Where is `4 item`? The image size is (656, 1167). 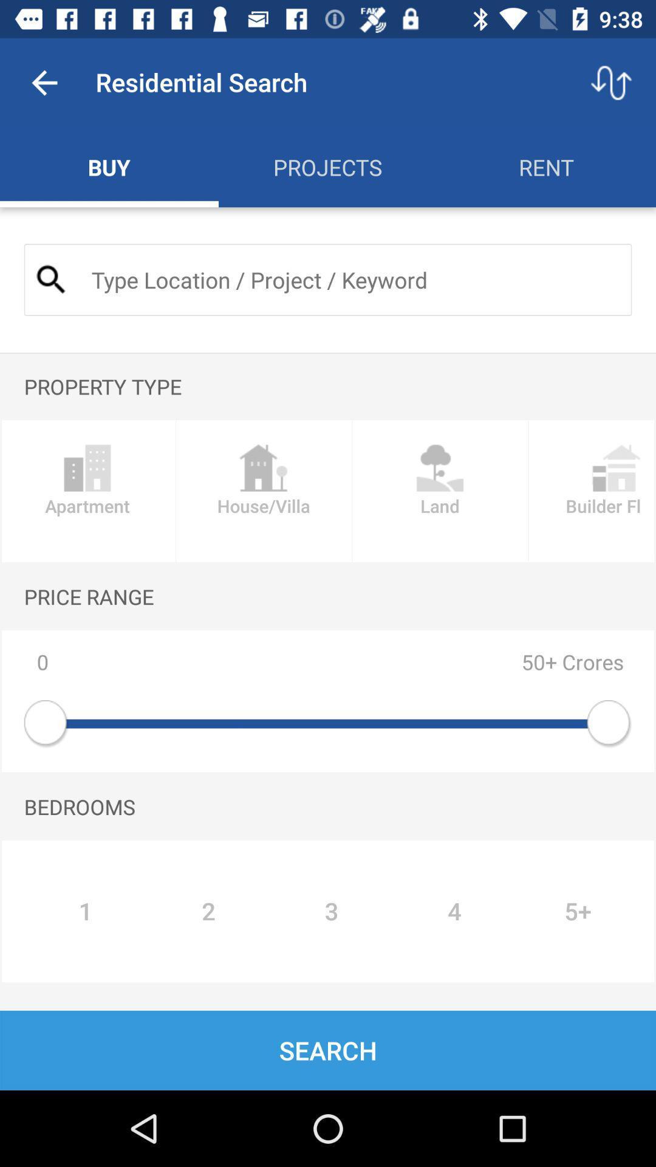
4 item is located at coordinates (454, 911).